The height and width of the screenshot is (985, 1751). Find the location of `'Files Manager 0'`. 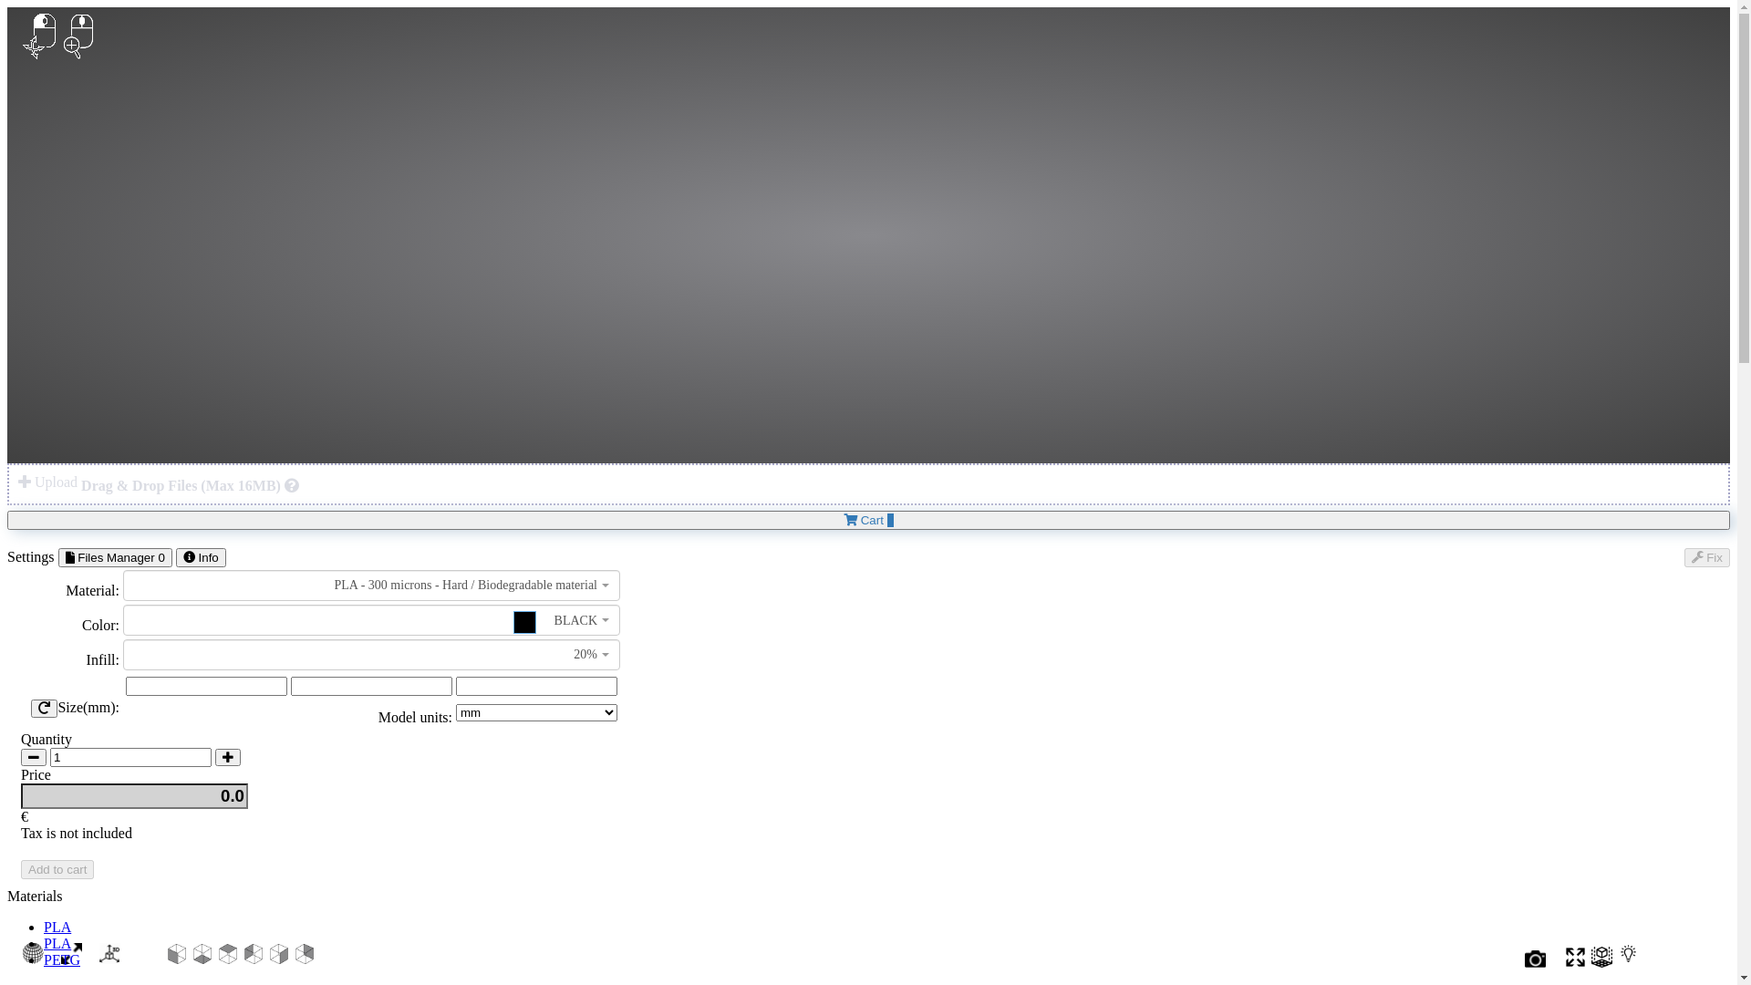

'Files Manager 0' is located at coordinates (57, 556).